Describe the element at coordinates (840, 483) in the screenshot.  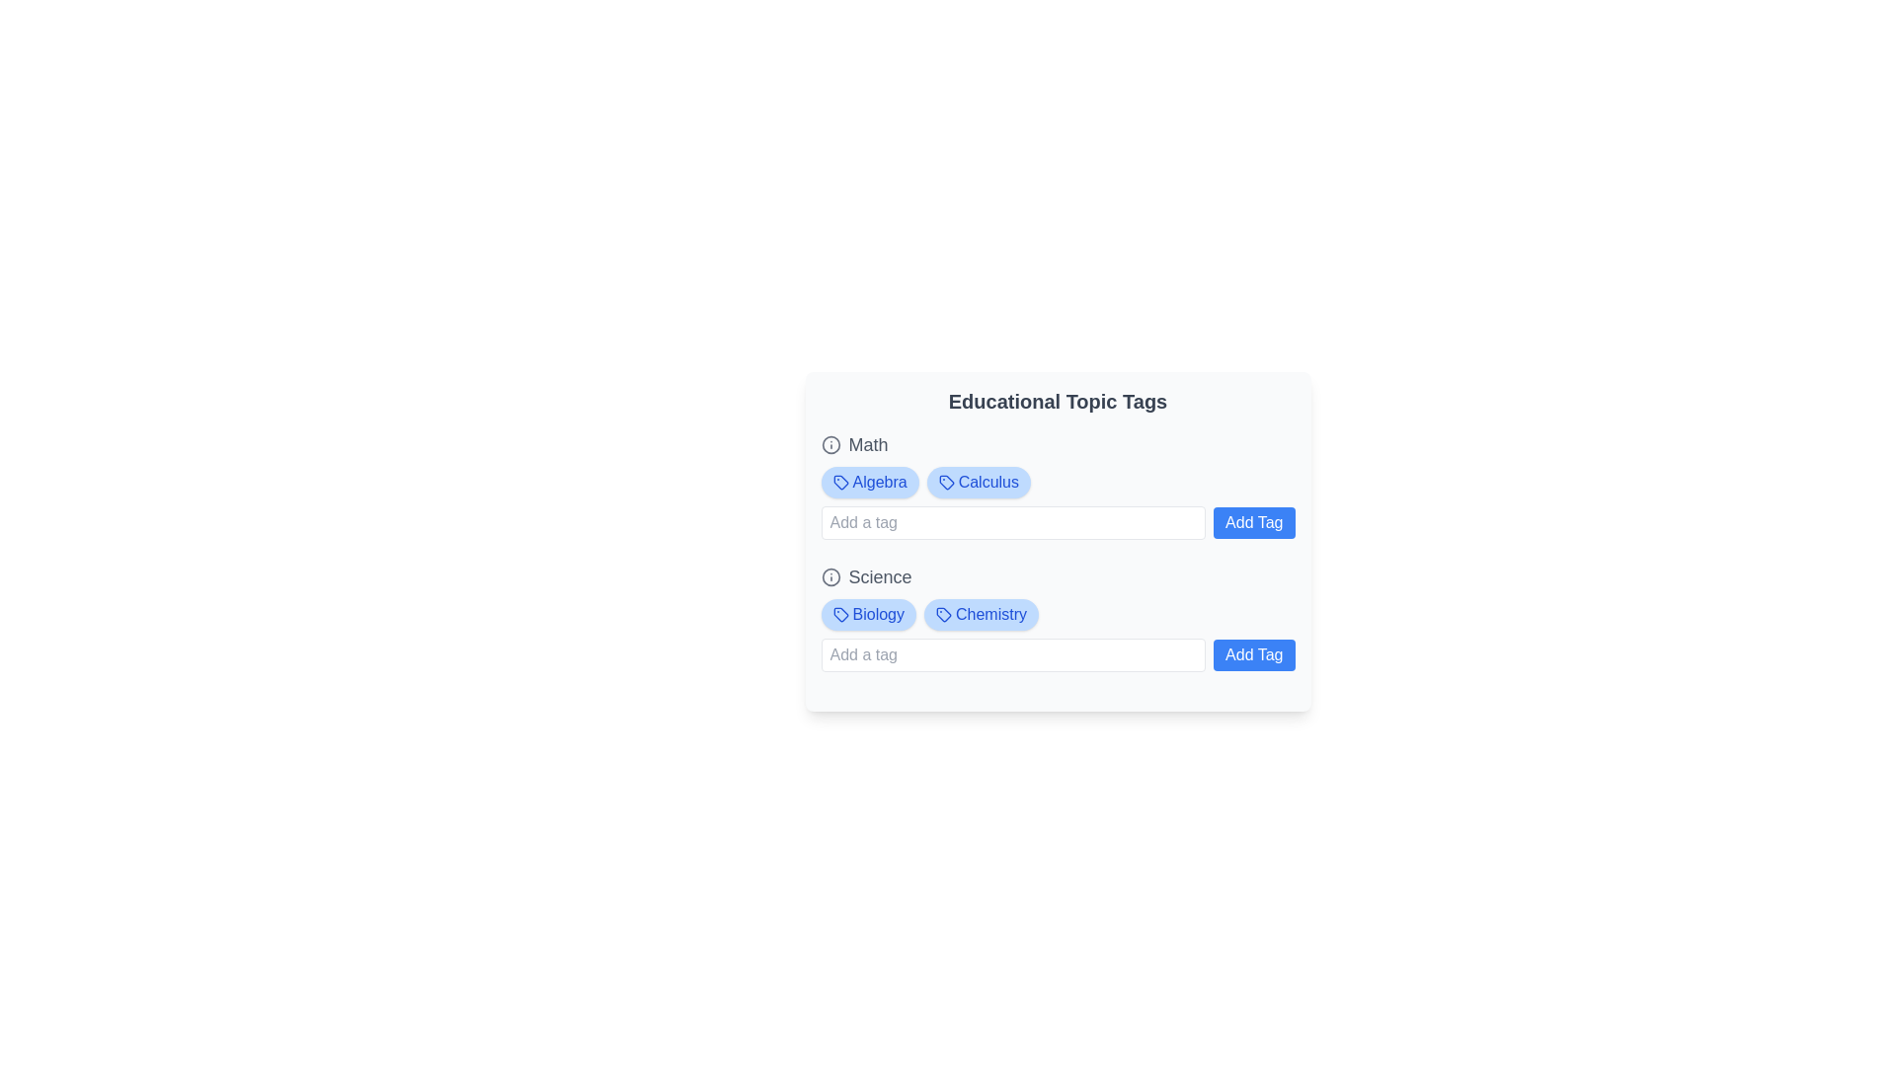
I see `the blue outlined tag-shaped icon representing a label in the 'Math' section, located to the left of the word 'Algebra'` at that location.